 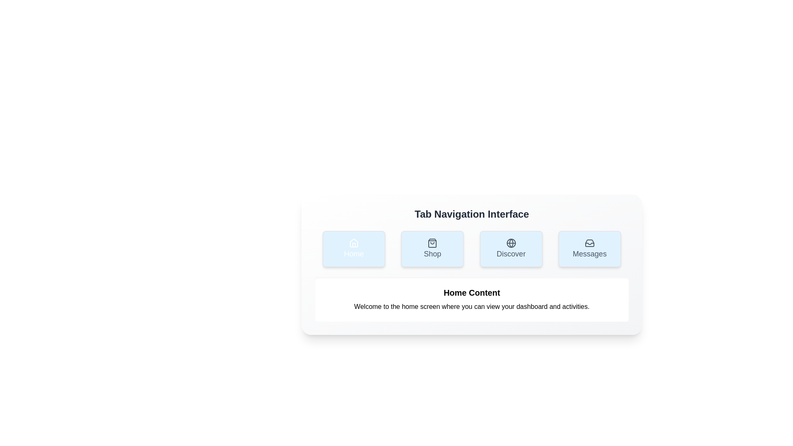 I want to click on the 'Shop' text label, so click(x=432, y=253).